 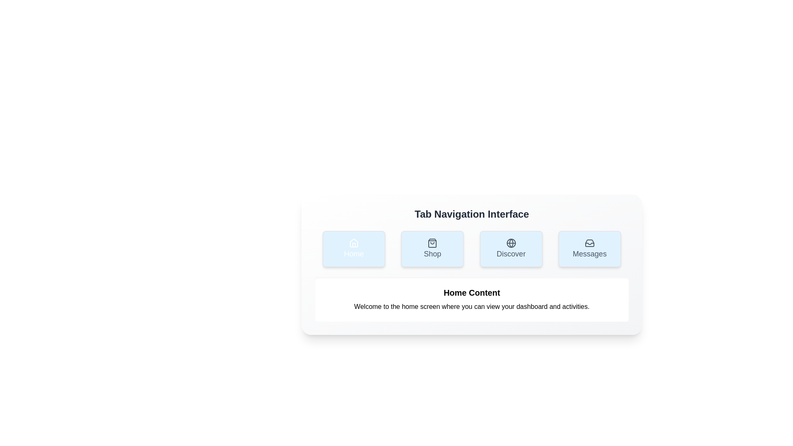 I want to click on the 'Shop' text label, so click(x=432, y=253).